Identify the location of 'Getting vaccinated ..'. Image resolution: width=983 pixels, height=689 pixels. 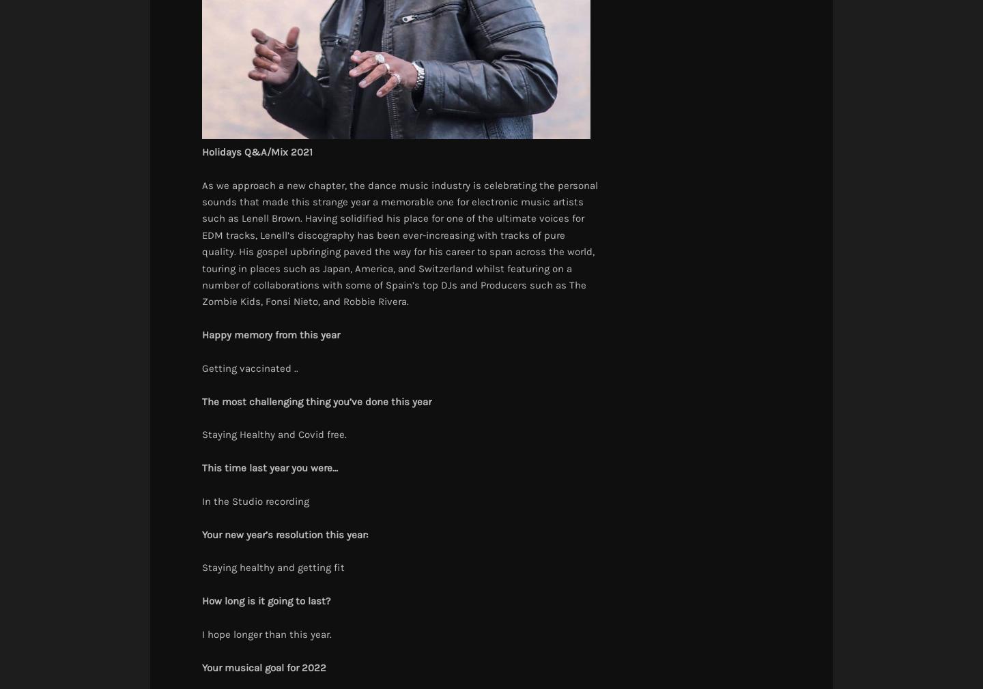
(249, 367).